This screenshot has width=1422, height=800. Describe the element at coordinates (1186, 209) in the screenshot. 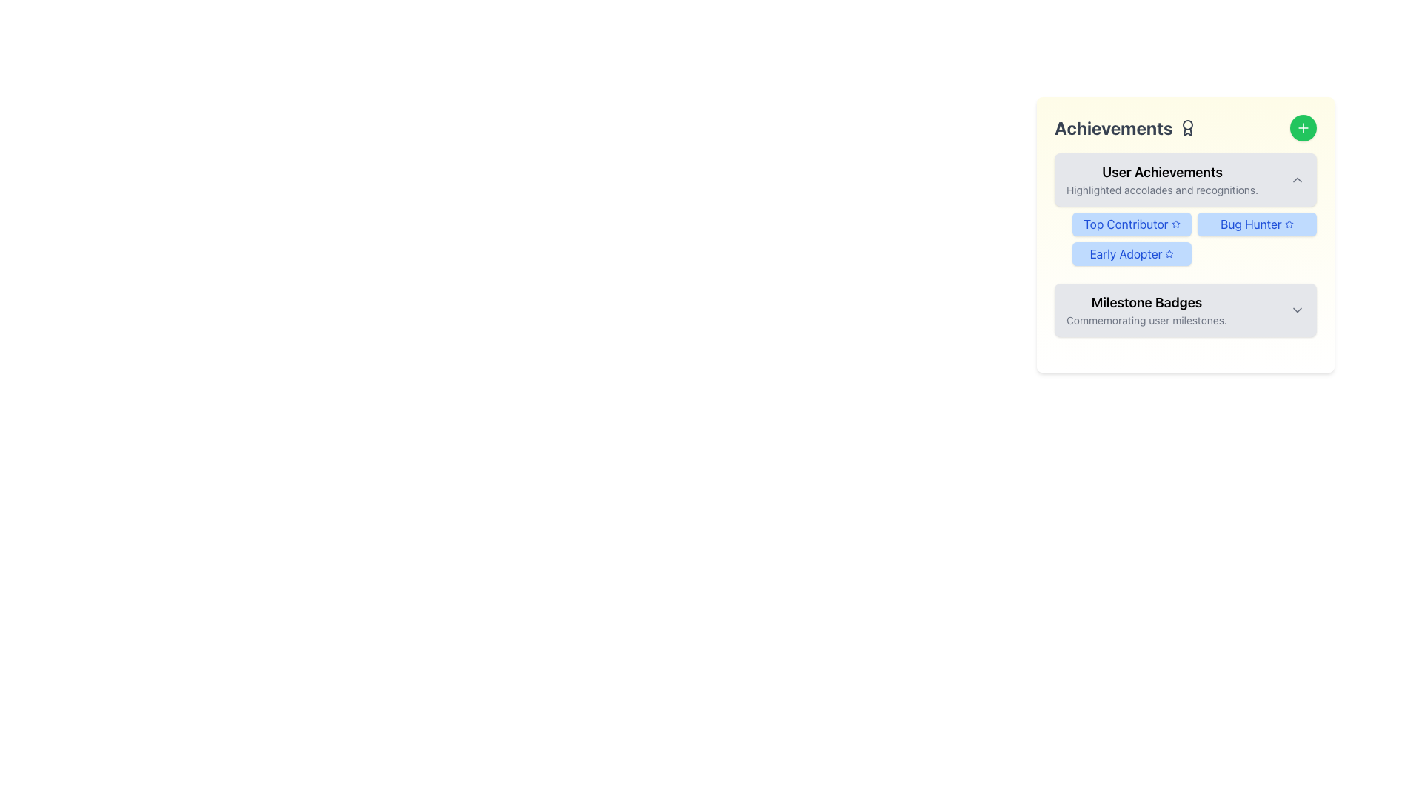

I see `the badge within the Information Panel that highlights user achievements, located under the 'Achievements' header` at that location.